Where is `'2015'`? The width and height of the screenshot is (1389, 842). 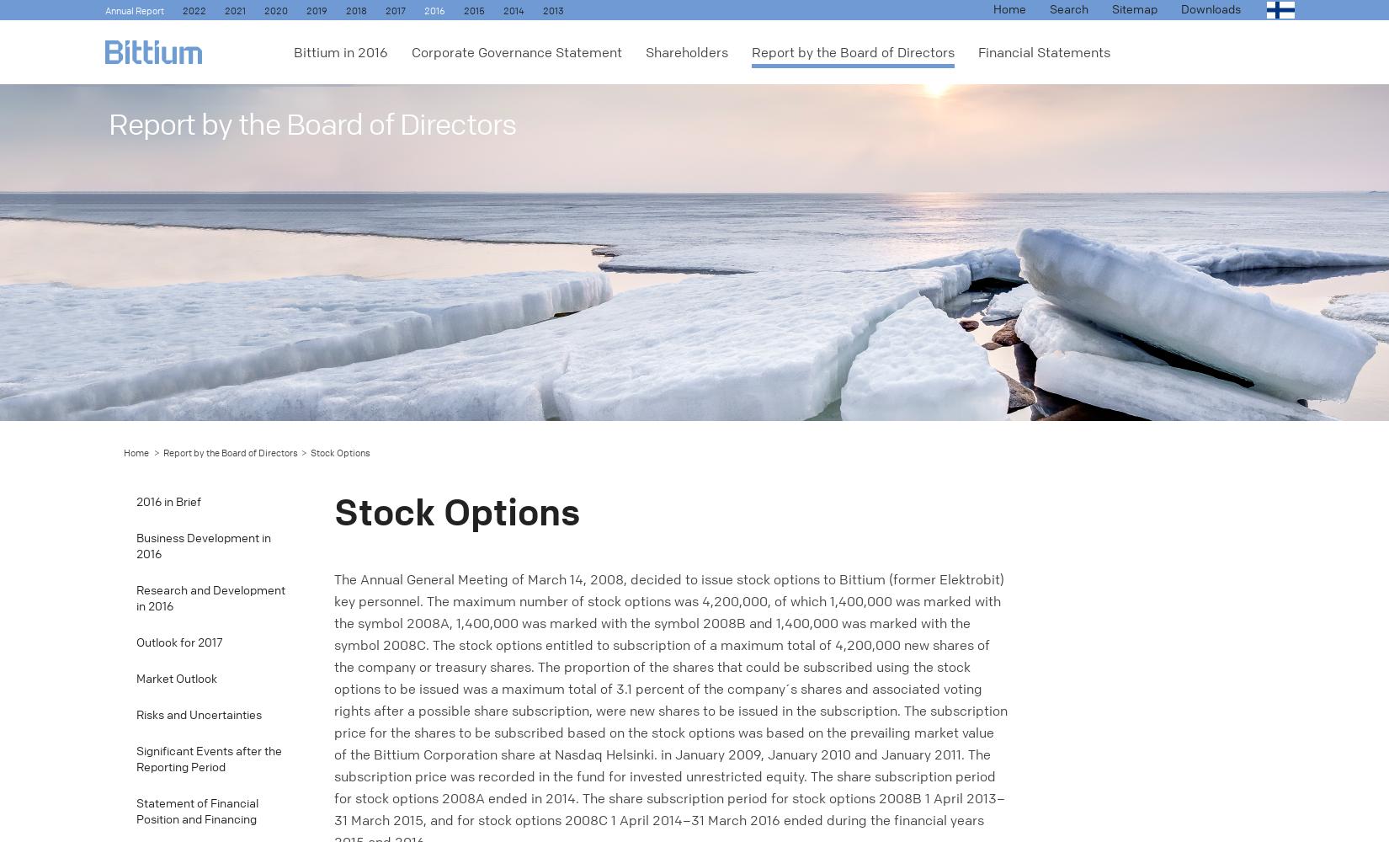
'2015' is located at coordinates (473, 11).